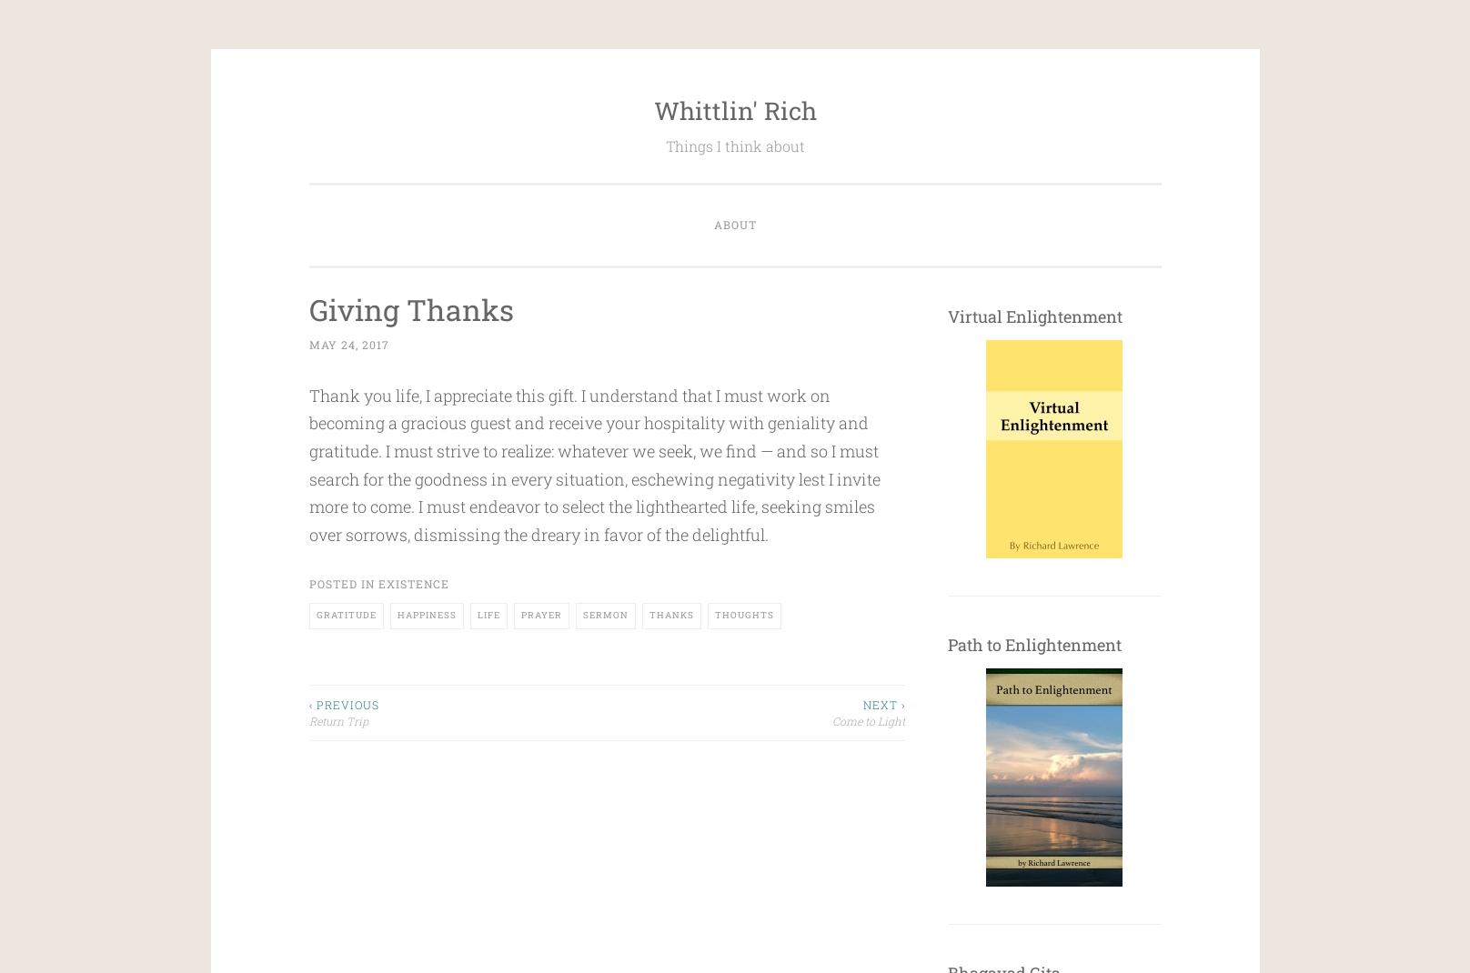 This screenshot has height=973, width=1470. What do you see at coordinates (733, 145) in the screenshot?
I see `'Things I think about'` at bounding box center [733, 145].